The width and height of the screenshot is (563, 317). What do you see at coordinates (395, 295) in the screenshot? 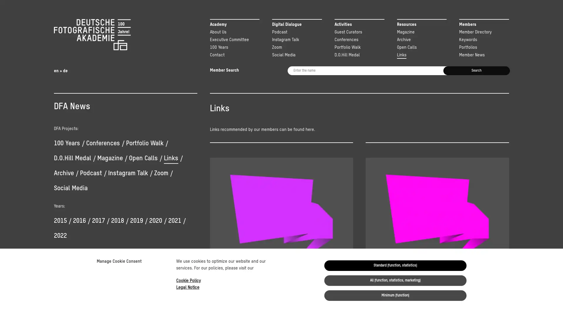
I see `Minimum (function)` at bounding box center [395, 295].